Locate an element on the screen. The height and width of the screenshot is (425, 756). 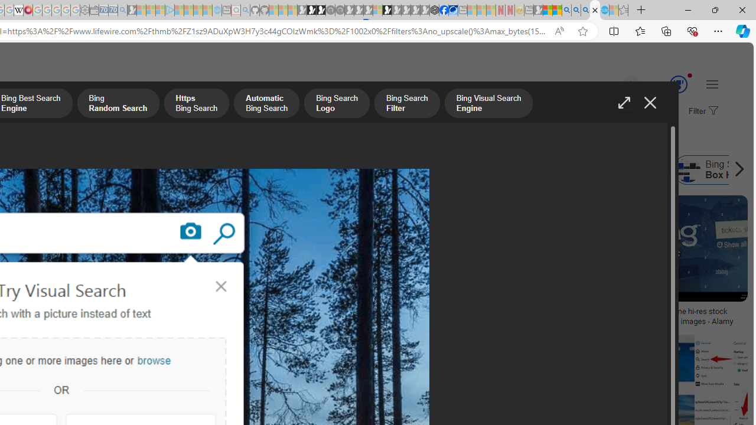
'Future Focus Report 2024 - Sleeping' is located at coordinates (339, 10).